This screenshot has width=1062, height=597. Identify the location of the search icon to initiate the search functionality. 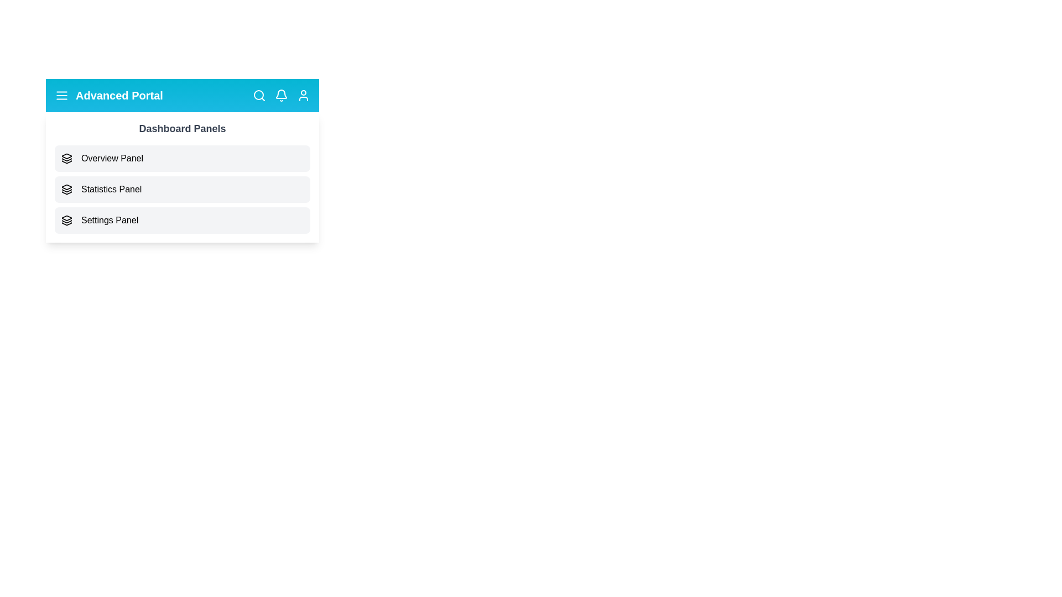
(259, 95).